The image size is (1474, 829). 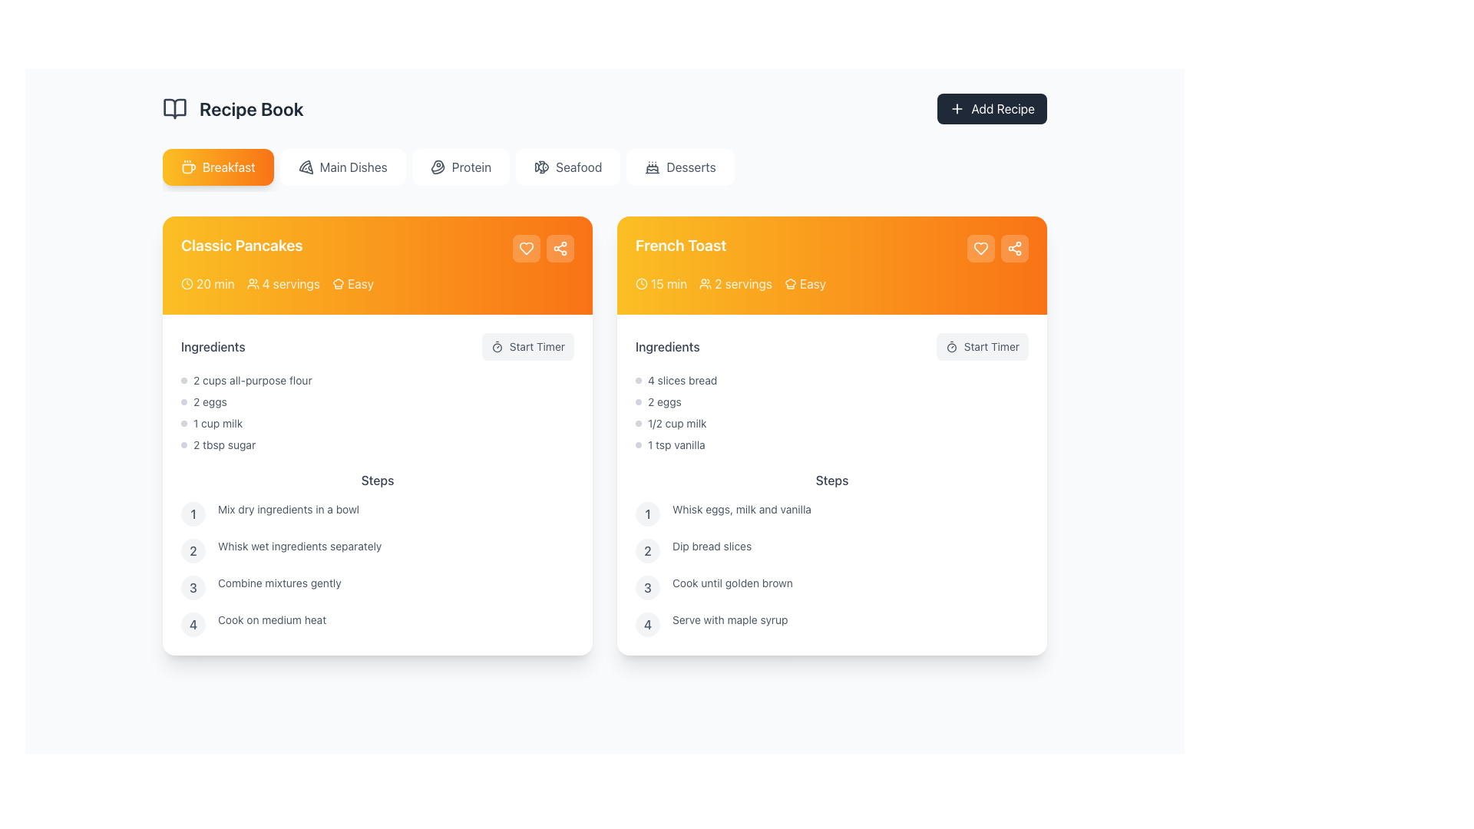 What do you see at coordinates (705, 284) in the screenshot?
I see `the icon depicting two user silhouettes` at bounding box center [705, 284].